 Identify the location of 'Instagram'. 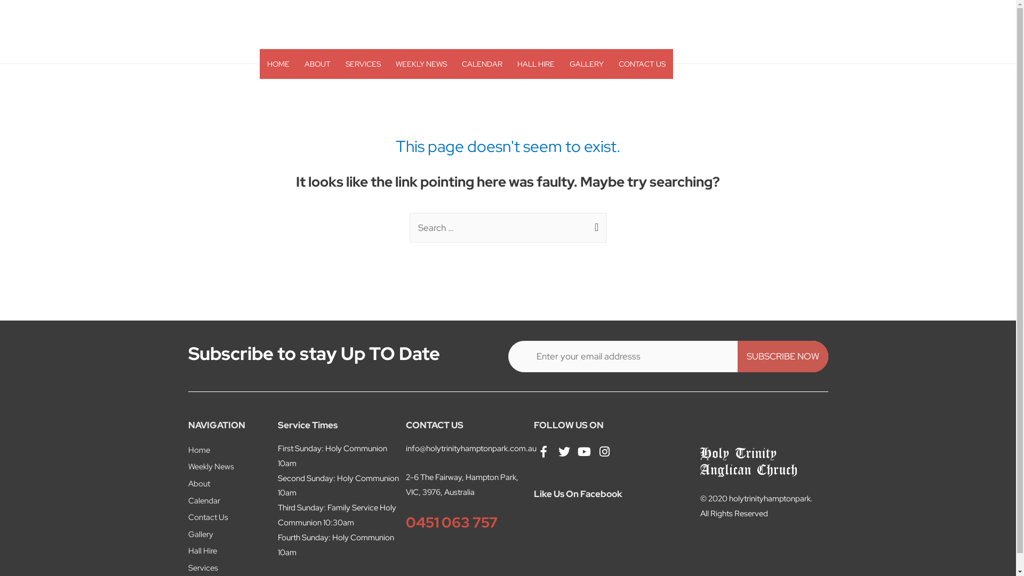
(604, 452).